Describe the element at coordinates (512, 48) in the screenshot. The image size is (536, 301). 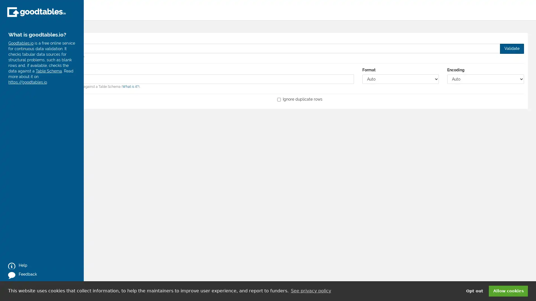
I see `Validate` at that location.